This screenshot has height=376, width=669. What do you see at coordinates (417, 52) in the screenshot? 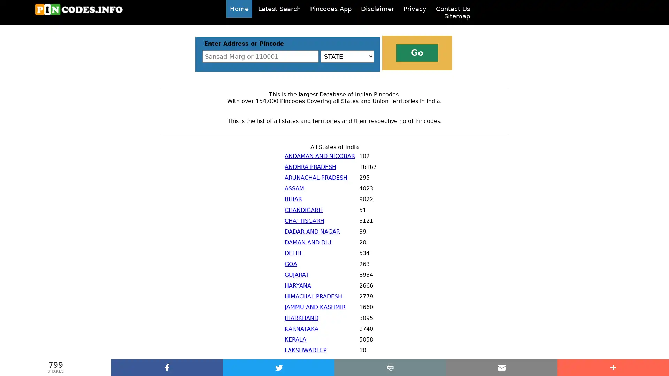
I see `Go` at bounding box center [417, 52].